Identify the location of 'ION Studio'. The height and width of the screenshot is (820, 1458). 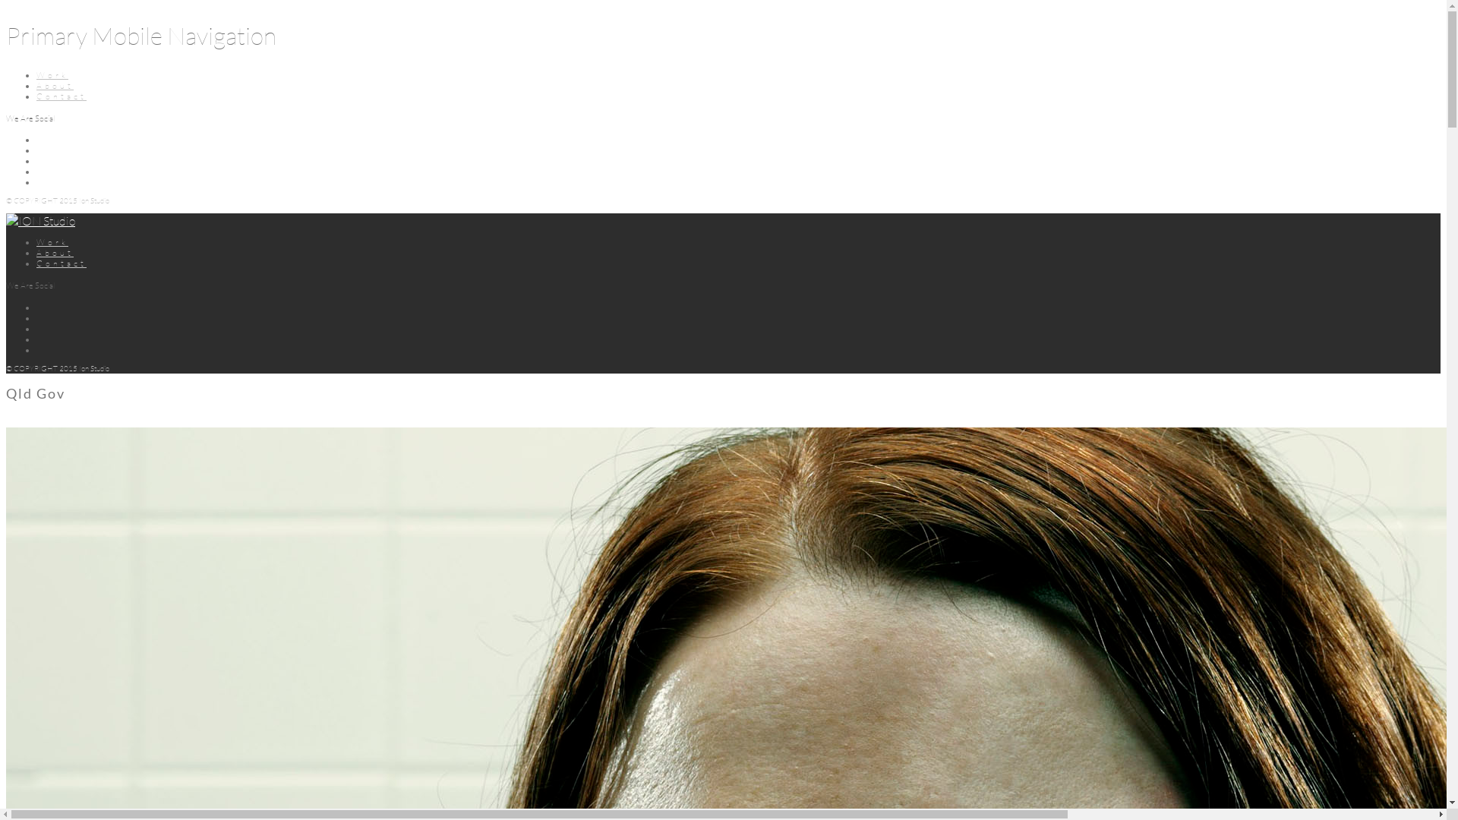
(40, 220).